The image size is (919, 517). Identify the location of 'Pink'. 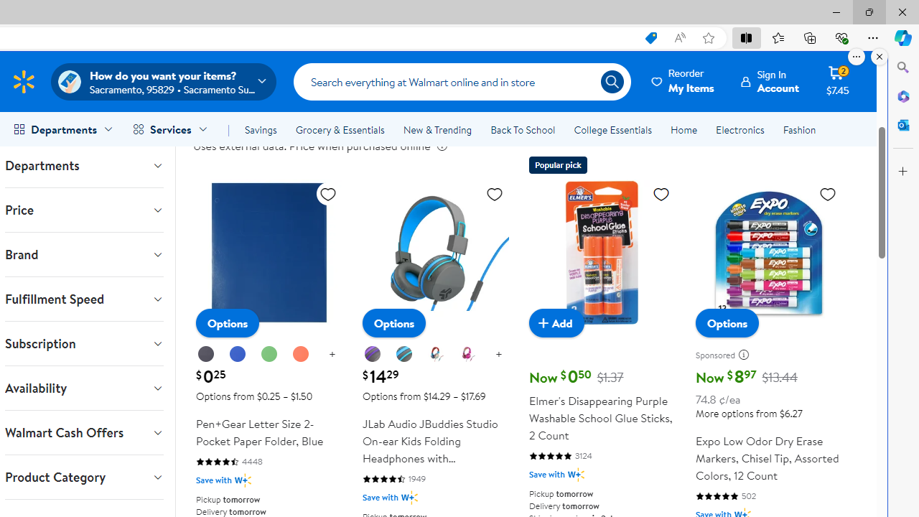
(467, 355).